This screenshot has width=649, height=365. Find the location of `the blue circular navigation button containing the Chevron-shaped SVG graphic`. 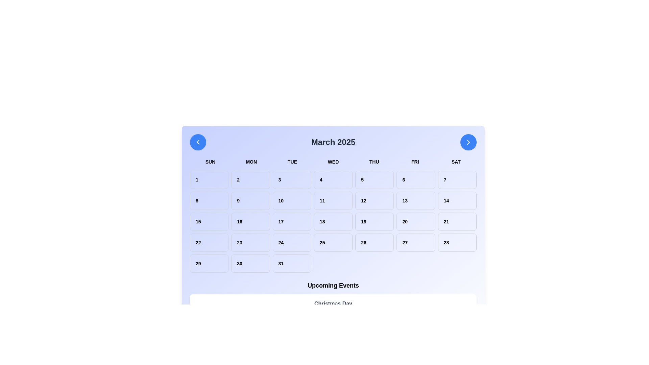

the blue circular navigation button containing the Chevron-shaped SVG graphic is located at coordinates (197, 142).